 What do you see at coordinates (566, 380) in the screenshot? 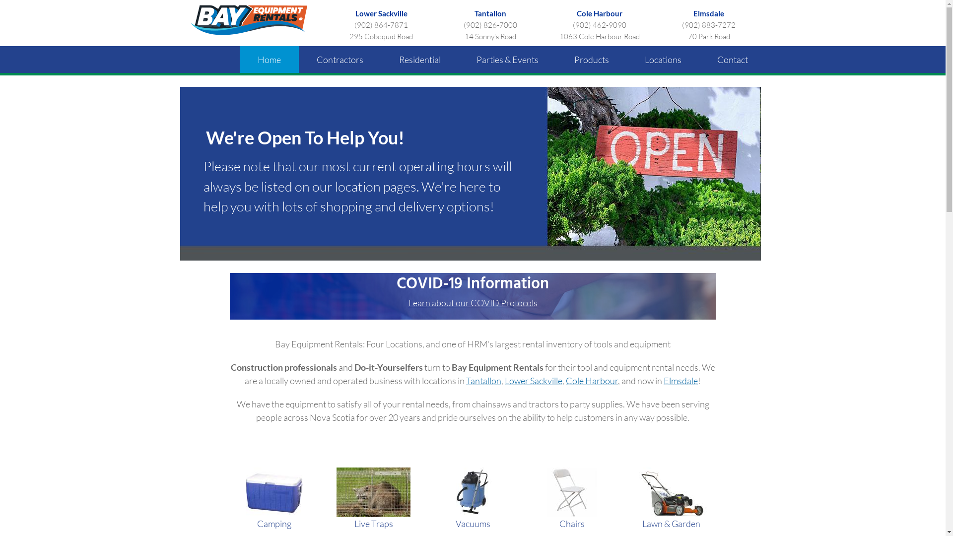
I see `'Cole Harbour'` at bounding box center [566, 380].